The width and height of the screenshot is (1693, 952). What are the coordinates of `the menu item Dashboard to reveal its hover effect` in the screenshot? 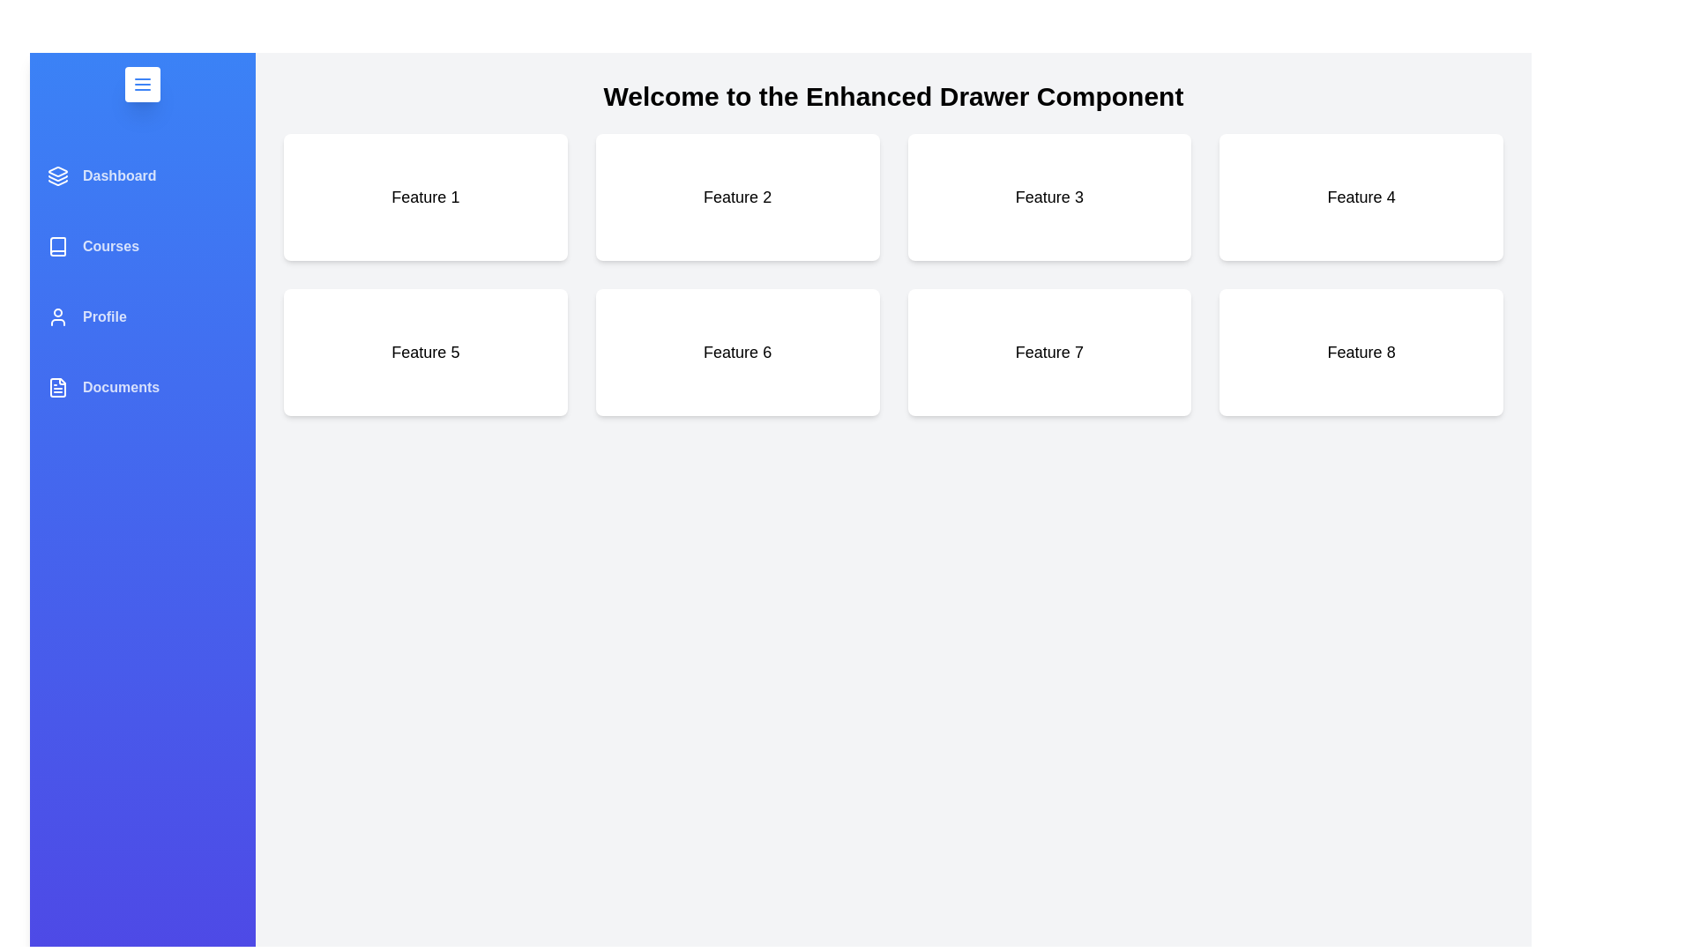 It's located at (143, 176).